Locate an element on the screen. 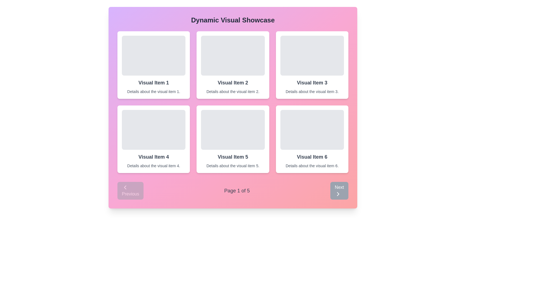  the text element labeled 'Visual Item 5', which is styled in bold, centered alignment, and colored gray, located in the second row and fifth column of the grid layout is located at coordinates (233, 157).